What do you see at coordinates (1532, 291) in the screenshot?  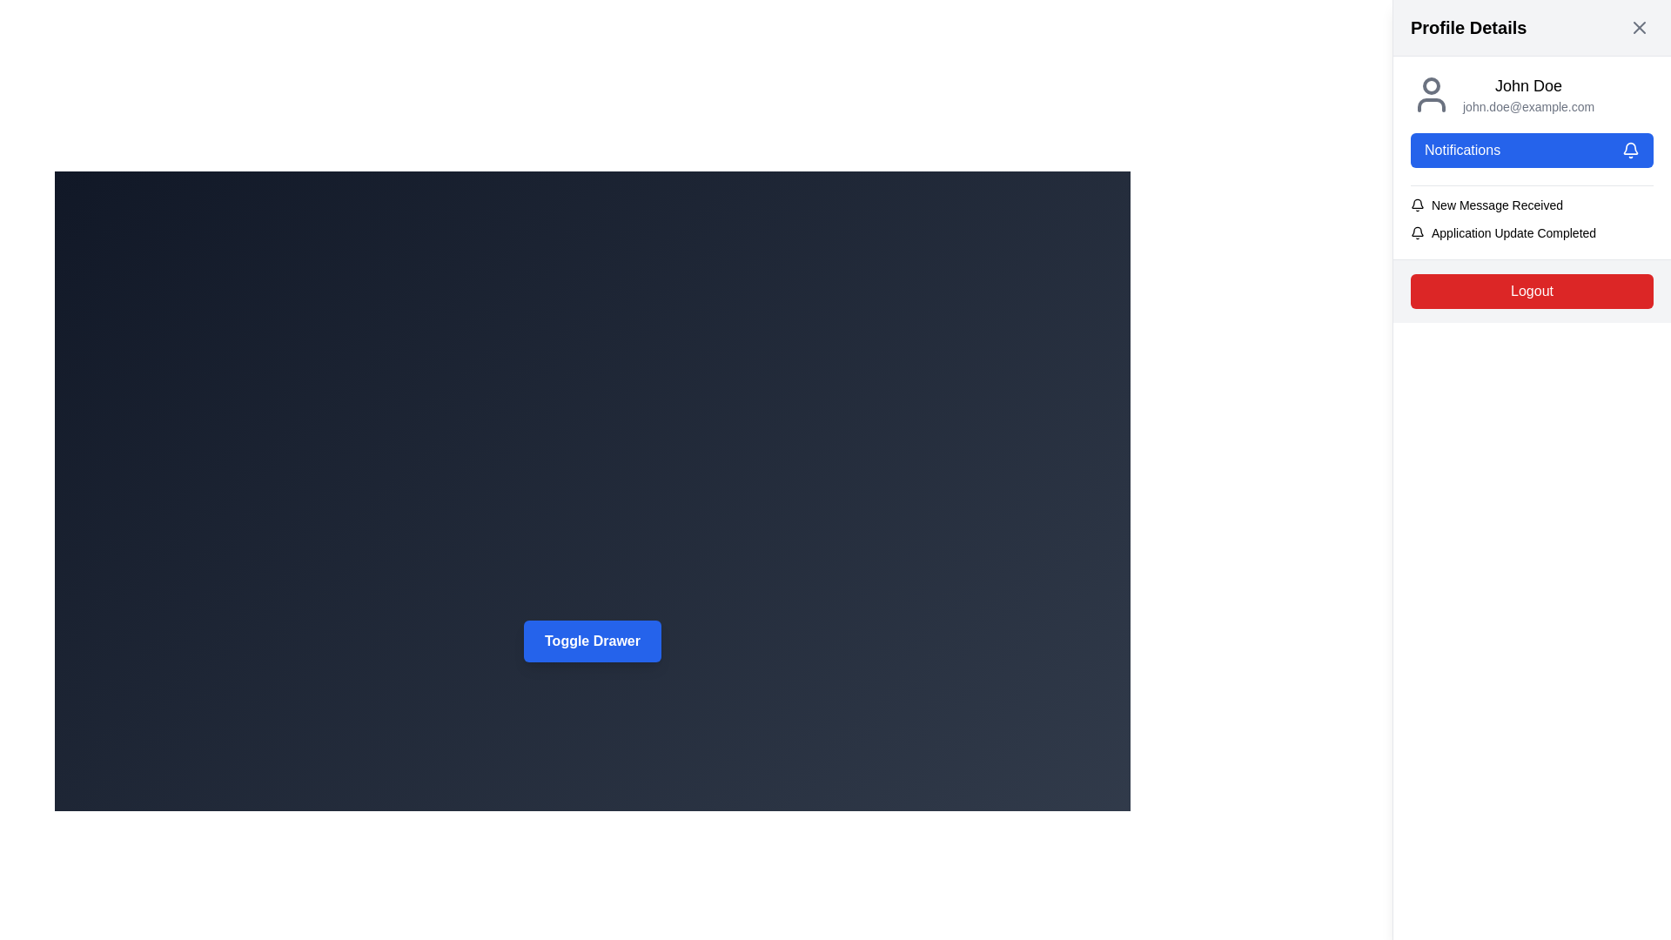 I see `the logout button located at the bottom of the right-side profile panel` at bounding box center [1532, 291].